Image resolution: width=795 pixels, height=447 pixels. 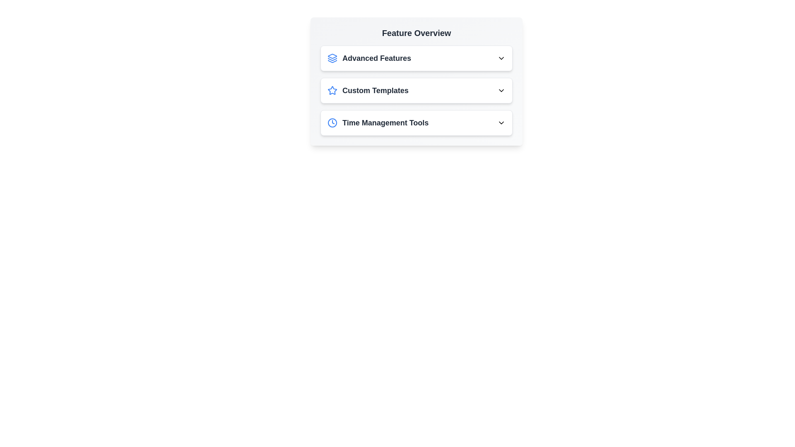 What do you see at coordinates (332, 91) in the screenshot?
I see `the icon of the feature titled Custom Templates` at bounding box center [332, 91].